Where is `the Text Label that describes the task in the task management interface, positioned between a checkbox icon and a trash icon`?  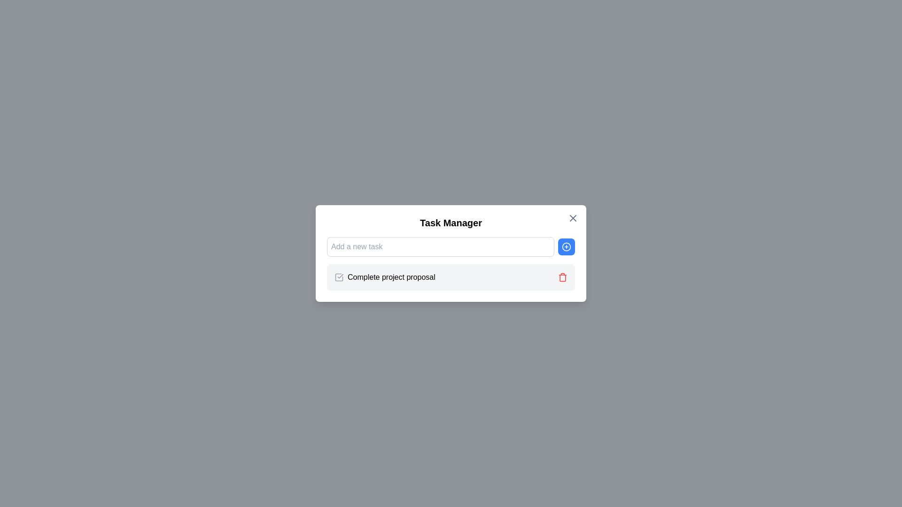 the Text Label that describes the task in the task management interface, positioned between a checkbox icon and a trash icon is located at coordinates (391, 277).